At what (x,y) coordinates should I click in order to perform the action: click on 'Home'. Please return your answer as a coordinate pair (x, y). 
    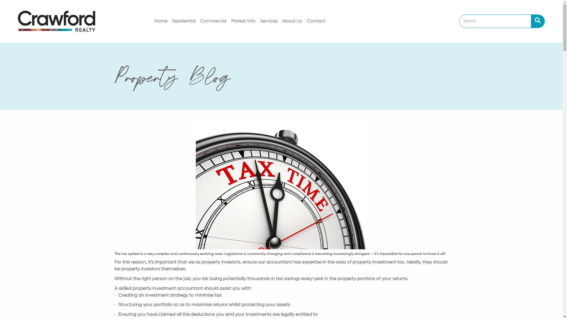
    Looking at the image, I should click on (161, 21).